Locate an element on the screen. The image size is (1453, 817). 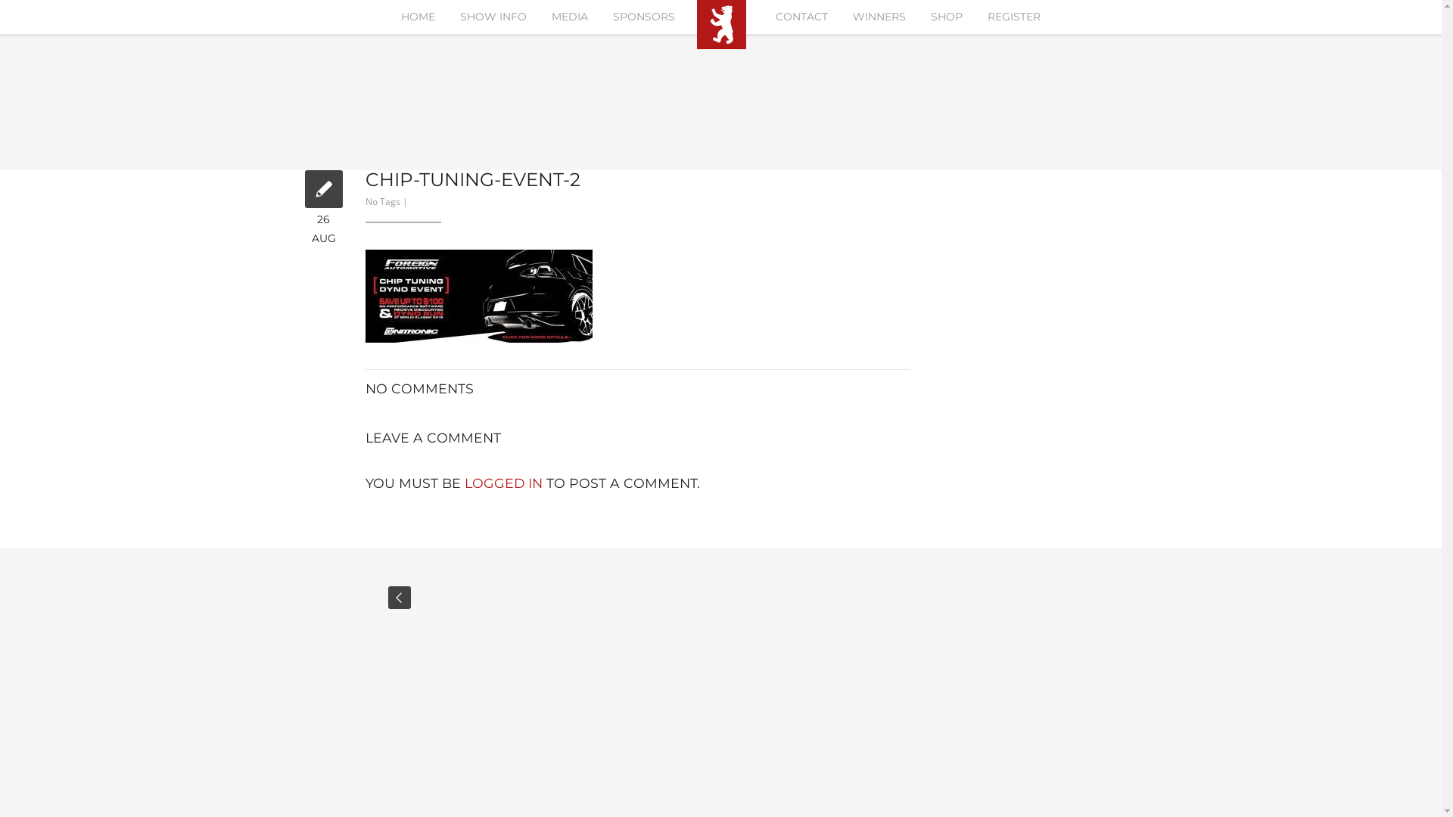
'WINNERS' is located at coordinates (879, 17).